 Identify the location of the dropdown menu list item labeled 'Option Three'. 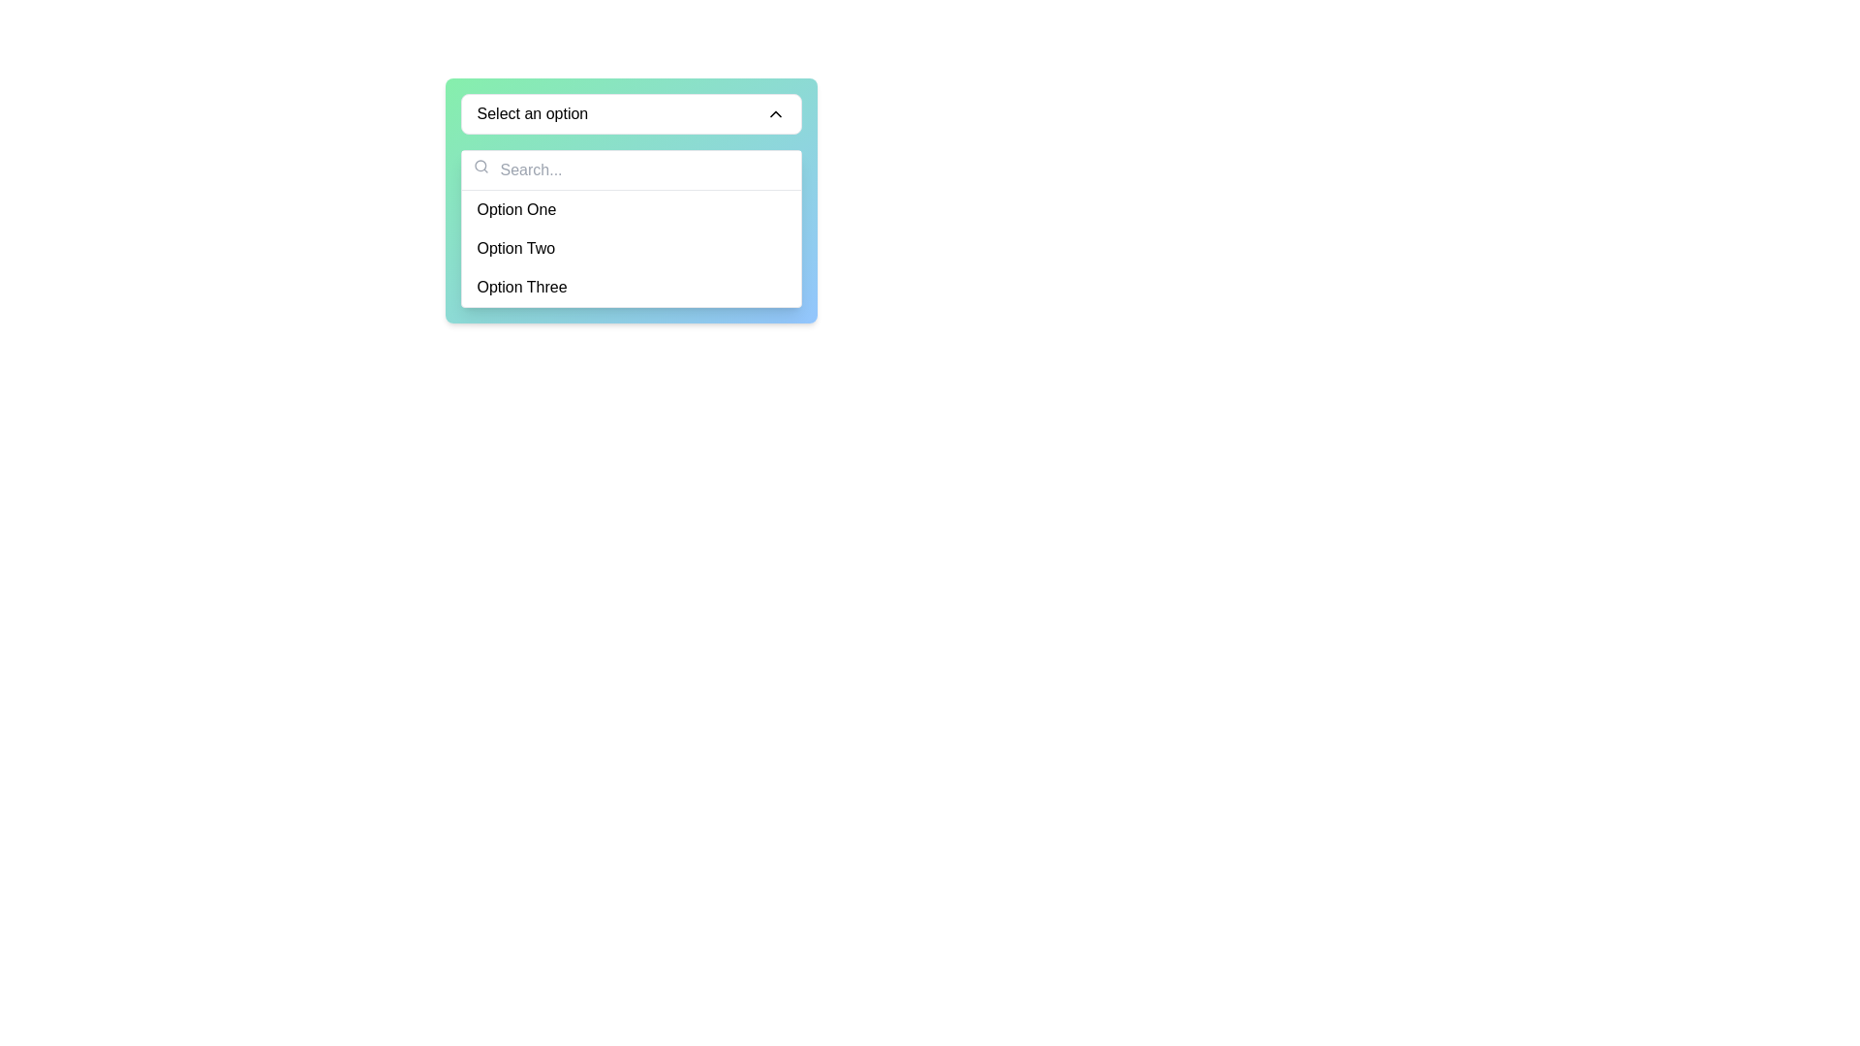
(631, 288).